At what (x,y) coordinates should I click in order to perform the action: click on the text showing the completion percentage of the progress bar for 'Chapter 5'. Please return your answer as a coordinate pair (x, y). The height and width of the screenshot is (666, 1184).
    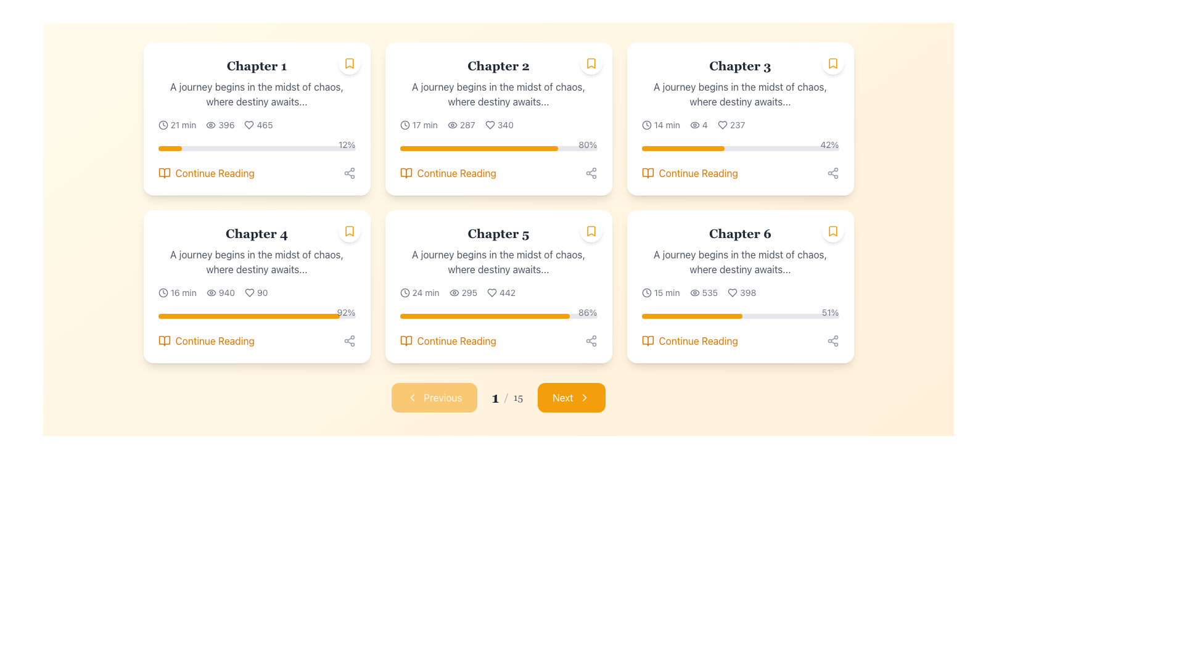
    Looking at the image, I should click on (498, 313).